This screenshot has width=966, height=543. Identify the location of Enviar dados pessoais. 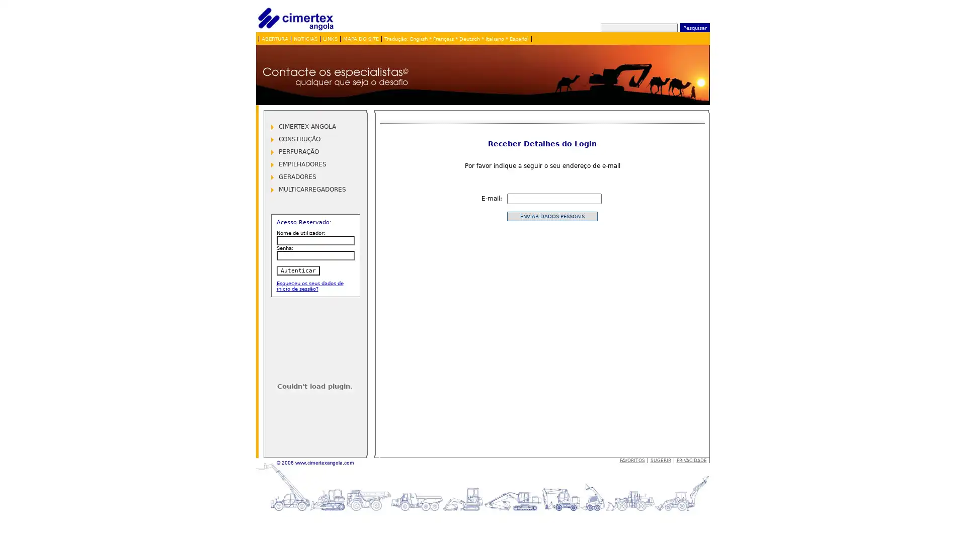
(552, 215).